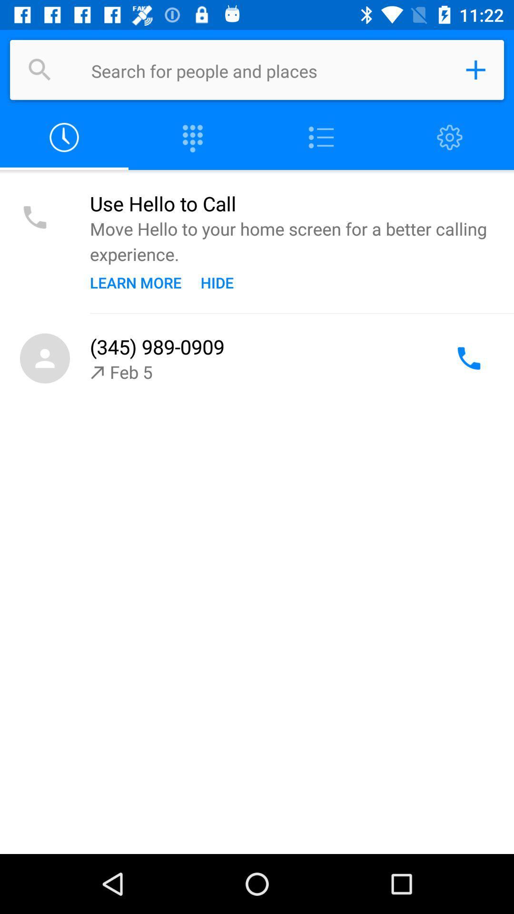  I want to click on the hide, so click(217, 282).